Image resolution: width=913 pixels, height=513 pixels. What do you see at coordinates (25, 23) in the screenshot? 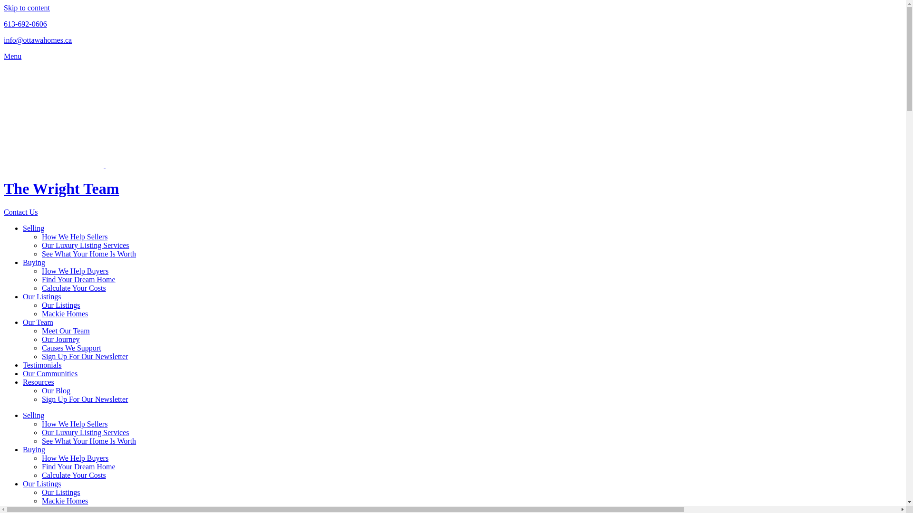
I see `'613-692-0606'` at bounding box center [25, 23].